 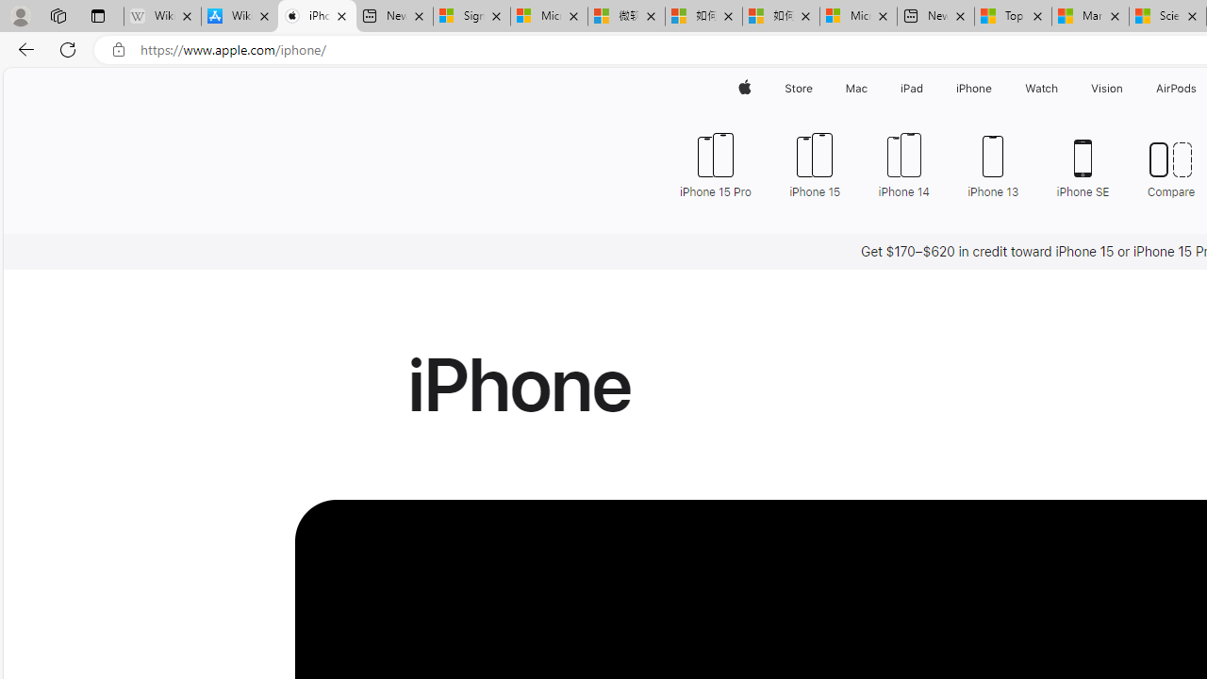 What do you see at coordinates (1062, 88) in the screenshot?
I see `'Watch menu'` at bounding box center [1062, 88].